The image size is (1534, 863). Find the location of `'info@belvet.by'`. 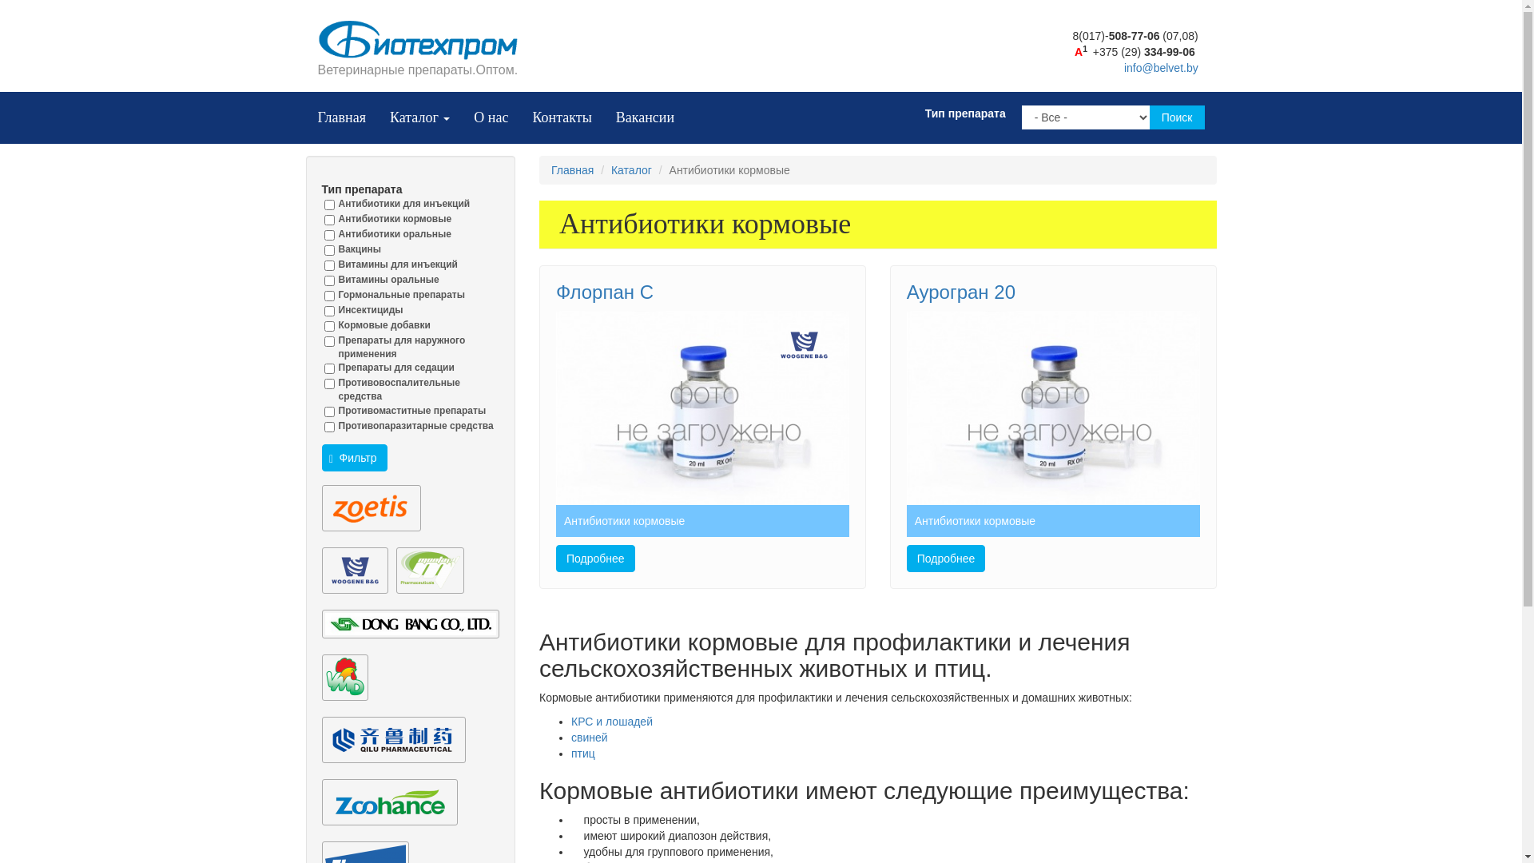

'info@belvet.by' is located at coordinates (1161, 66).